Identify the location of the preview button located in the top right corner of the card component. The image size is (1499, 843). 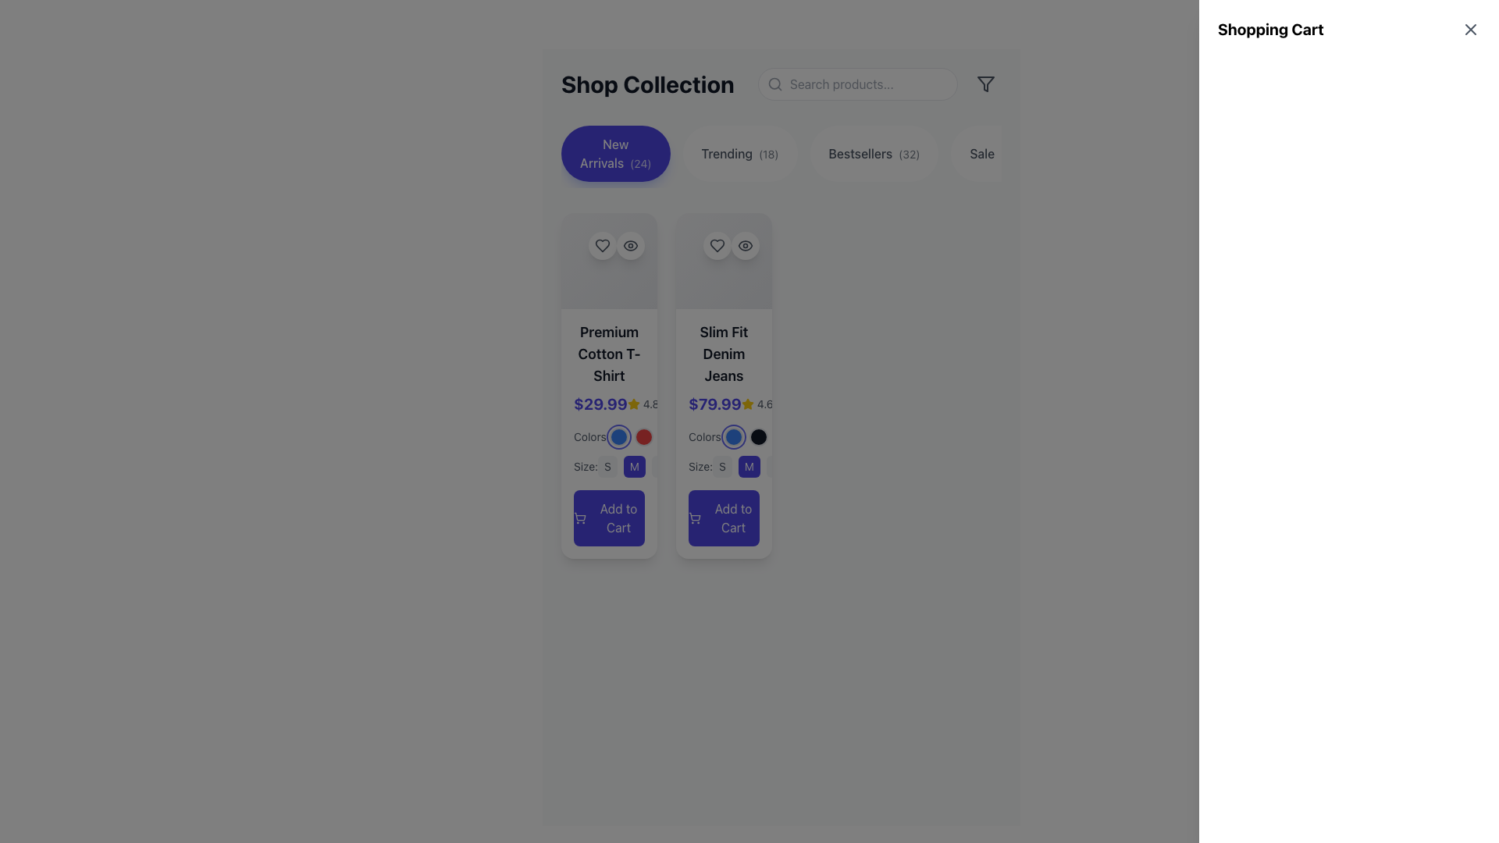
(630, 246).